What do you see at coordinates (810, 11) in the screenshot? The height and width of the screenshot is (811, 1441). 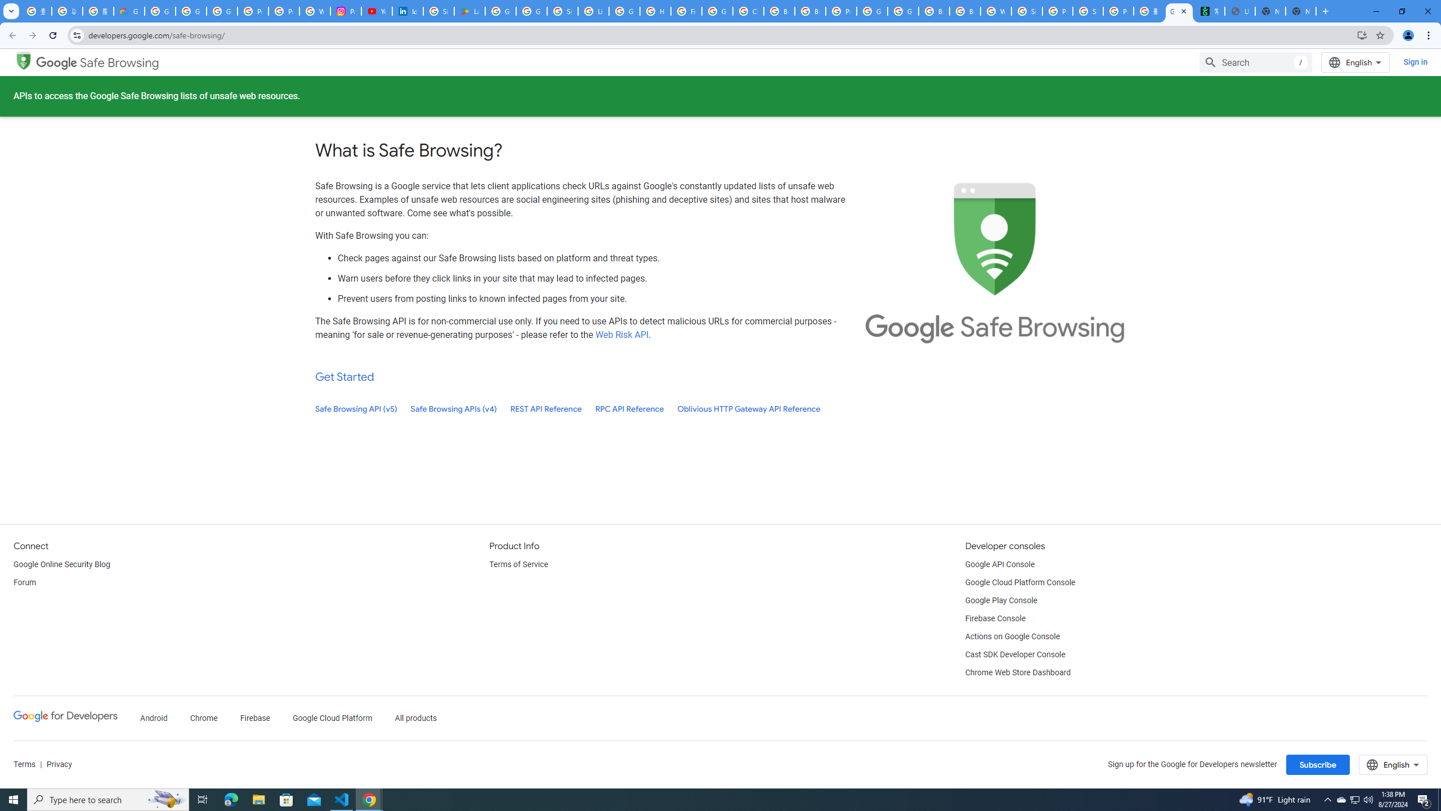 I see `'Browse Chrome as a guest - Computer - Google Chrome Help'` at bounding box center [810, 11].